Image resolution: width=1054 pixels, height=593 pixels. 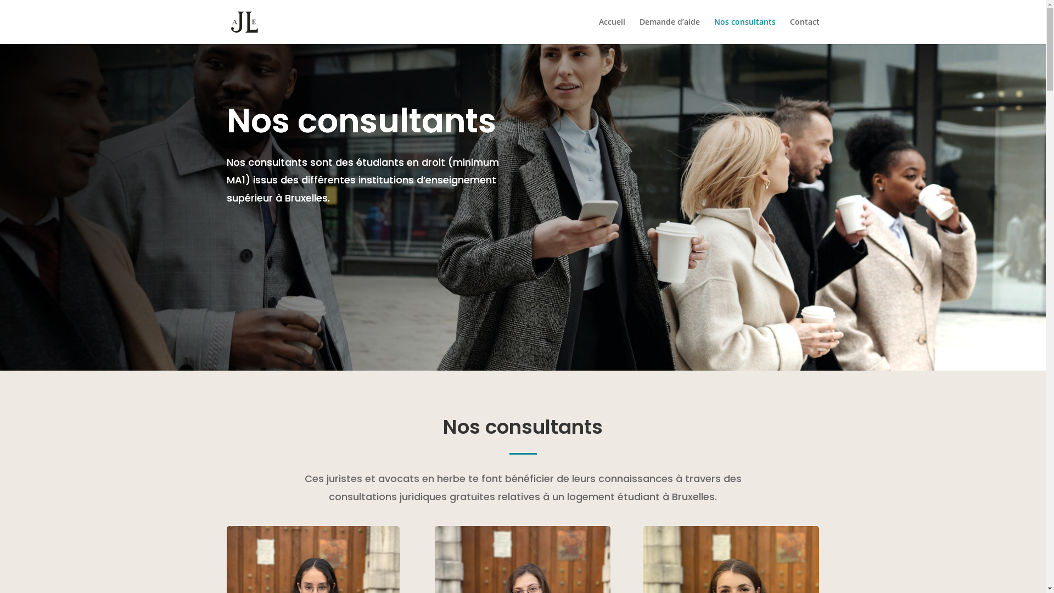 I want to click on 'Accueil', so click(x=610, y=30).